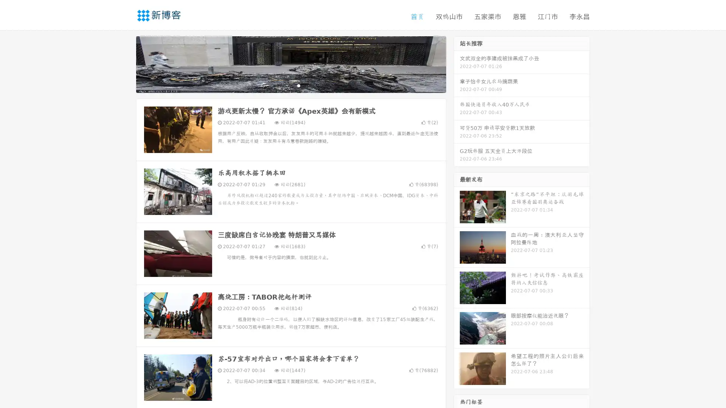  What do you see at coordinates (298, 85) in the screenshot?
I see `Go to slide 3` at bounding box center [298, 85].